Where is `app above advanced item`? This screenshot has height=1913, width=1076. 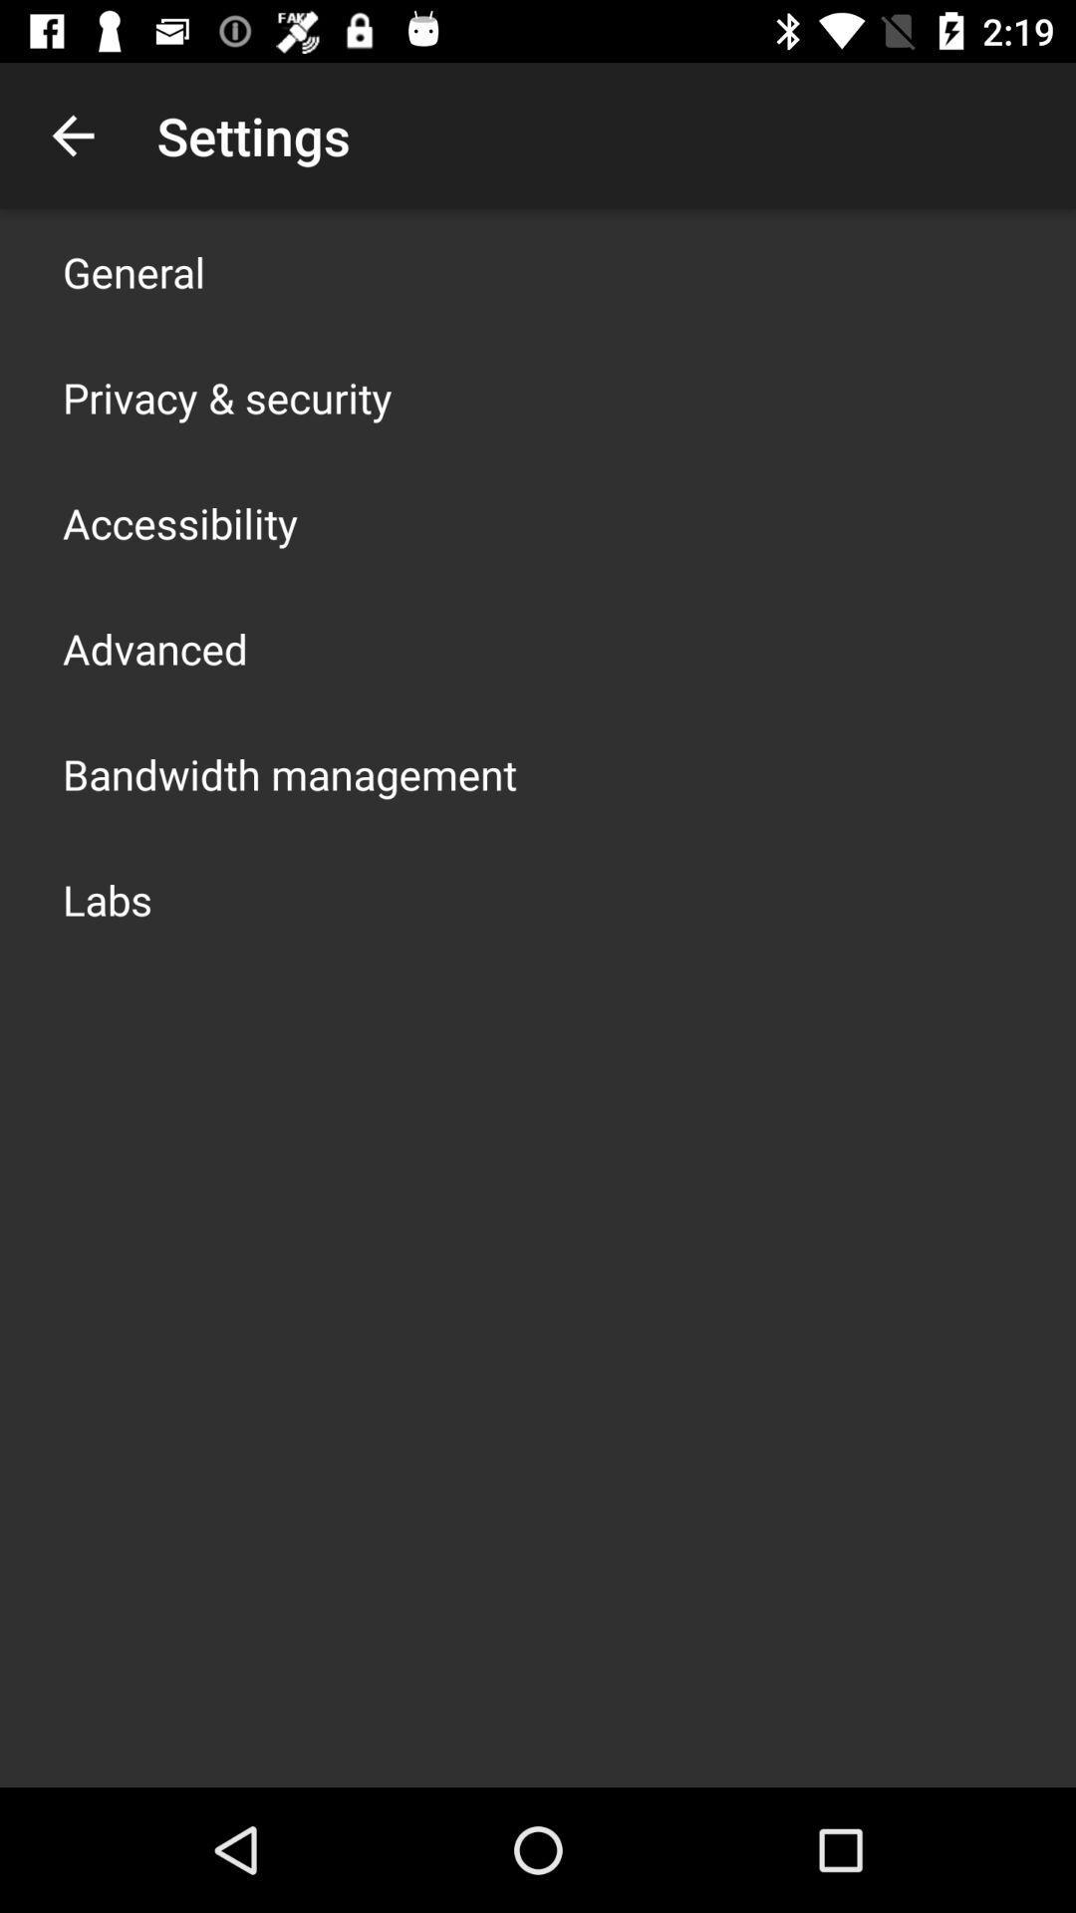 app above advanced item is located at coordinates (180, 522).